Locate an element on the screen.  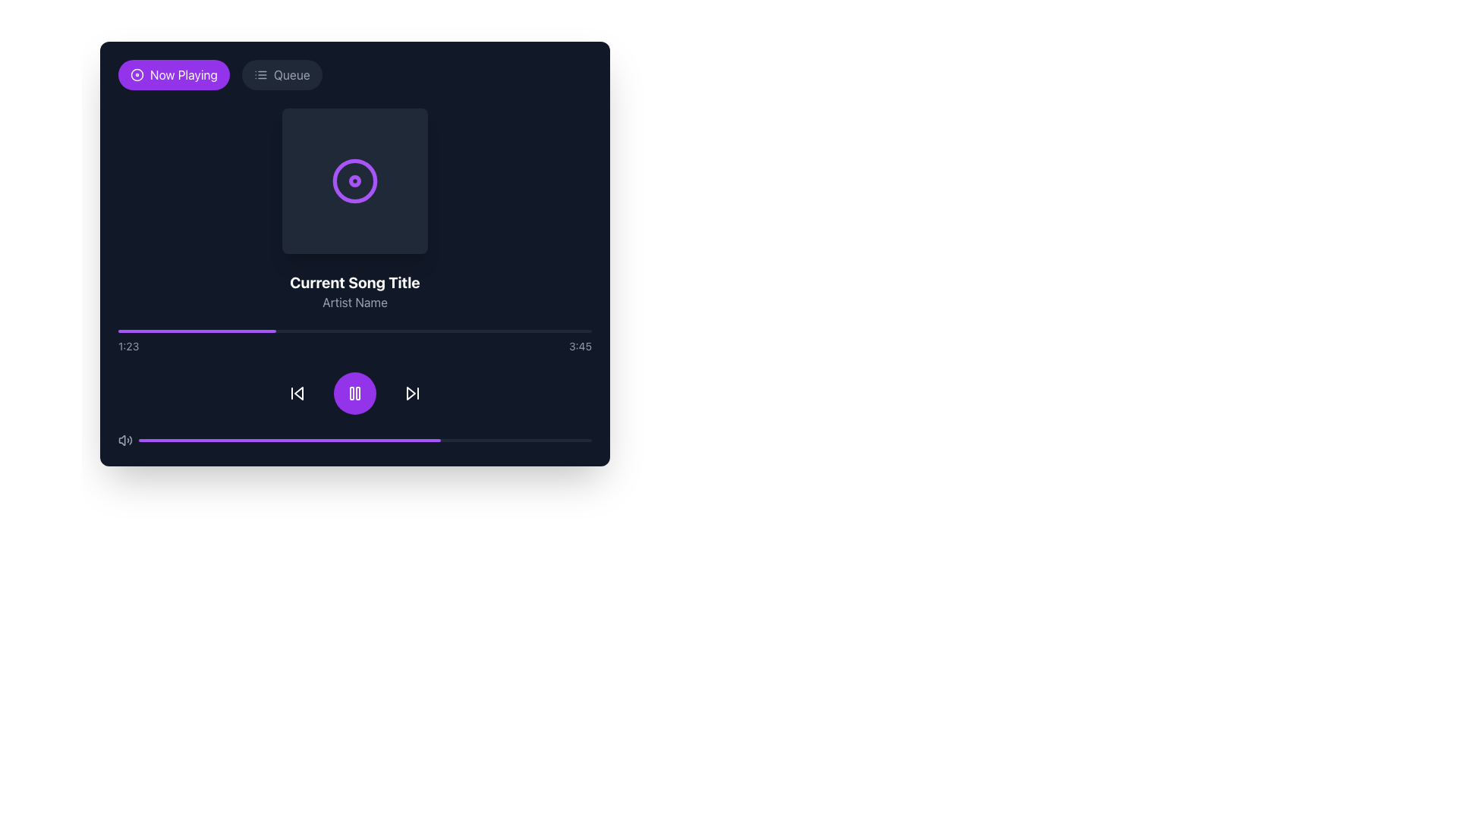
the volume level is located at coordinates (433, 441).